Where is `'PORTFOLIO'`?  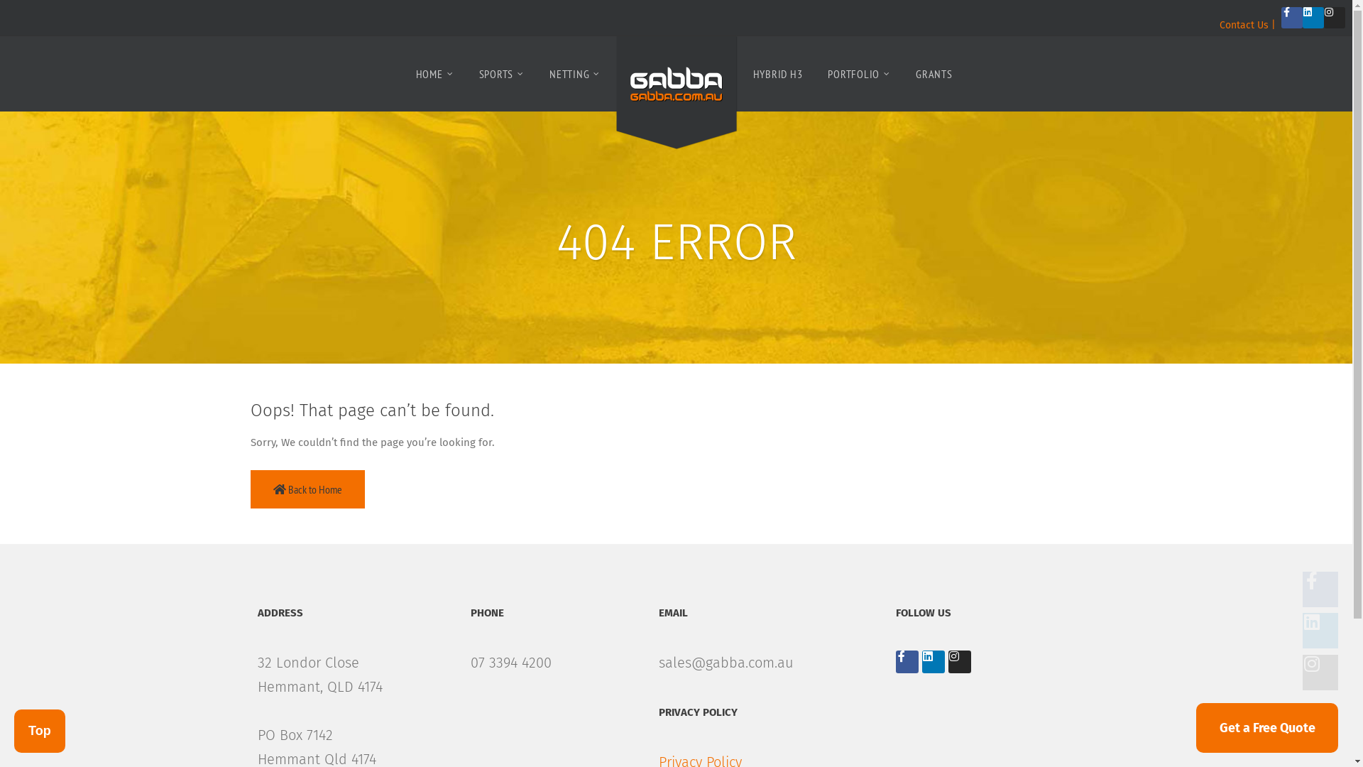
'PORTFOLIO' is located at coordinates (858, 74).